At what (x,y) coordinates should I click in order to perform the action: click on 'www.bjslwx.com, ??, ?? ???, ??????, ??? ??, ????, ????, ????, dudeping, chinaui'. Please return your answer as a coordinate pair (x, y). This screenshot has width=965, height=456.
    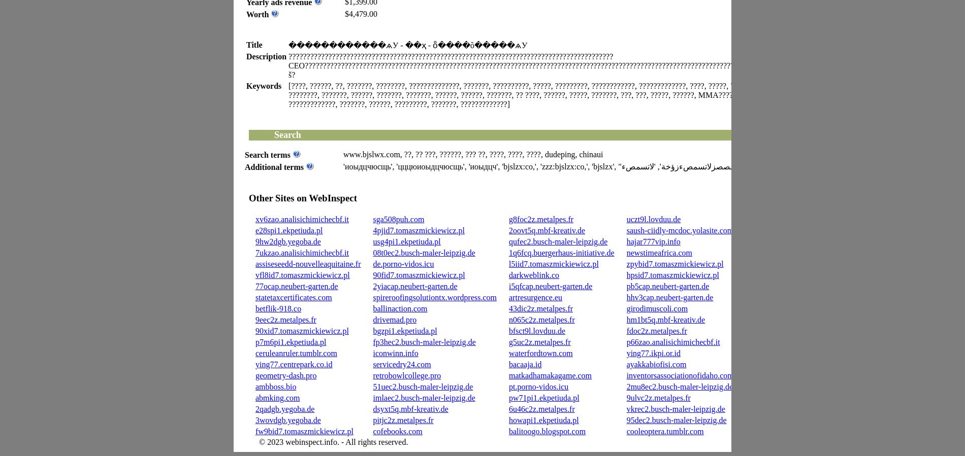
    Looking at the image, I should click on (472, 153).